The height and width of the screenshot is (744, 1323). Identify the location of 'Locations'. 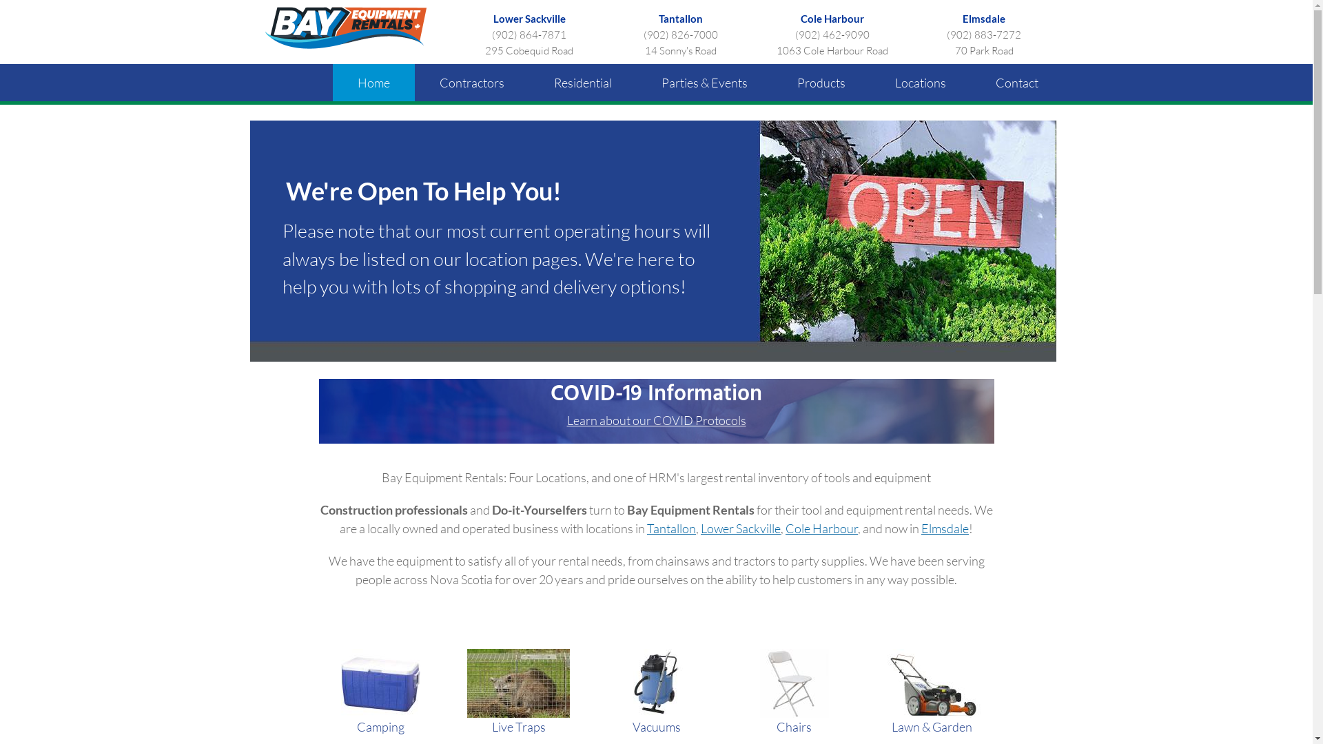
(919, 82).